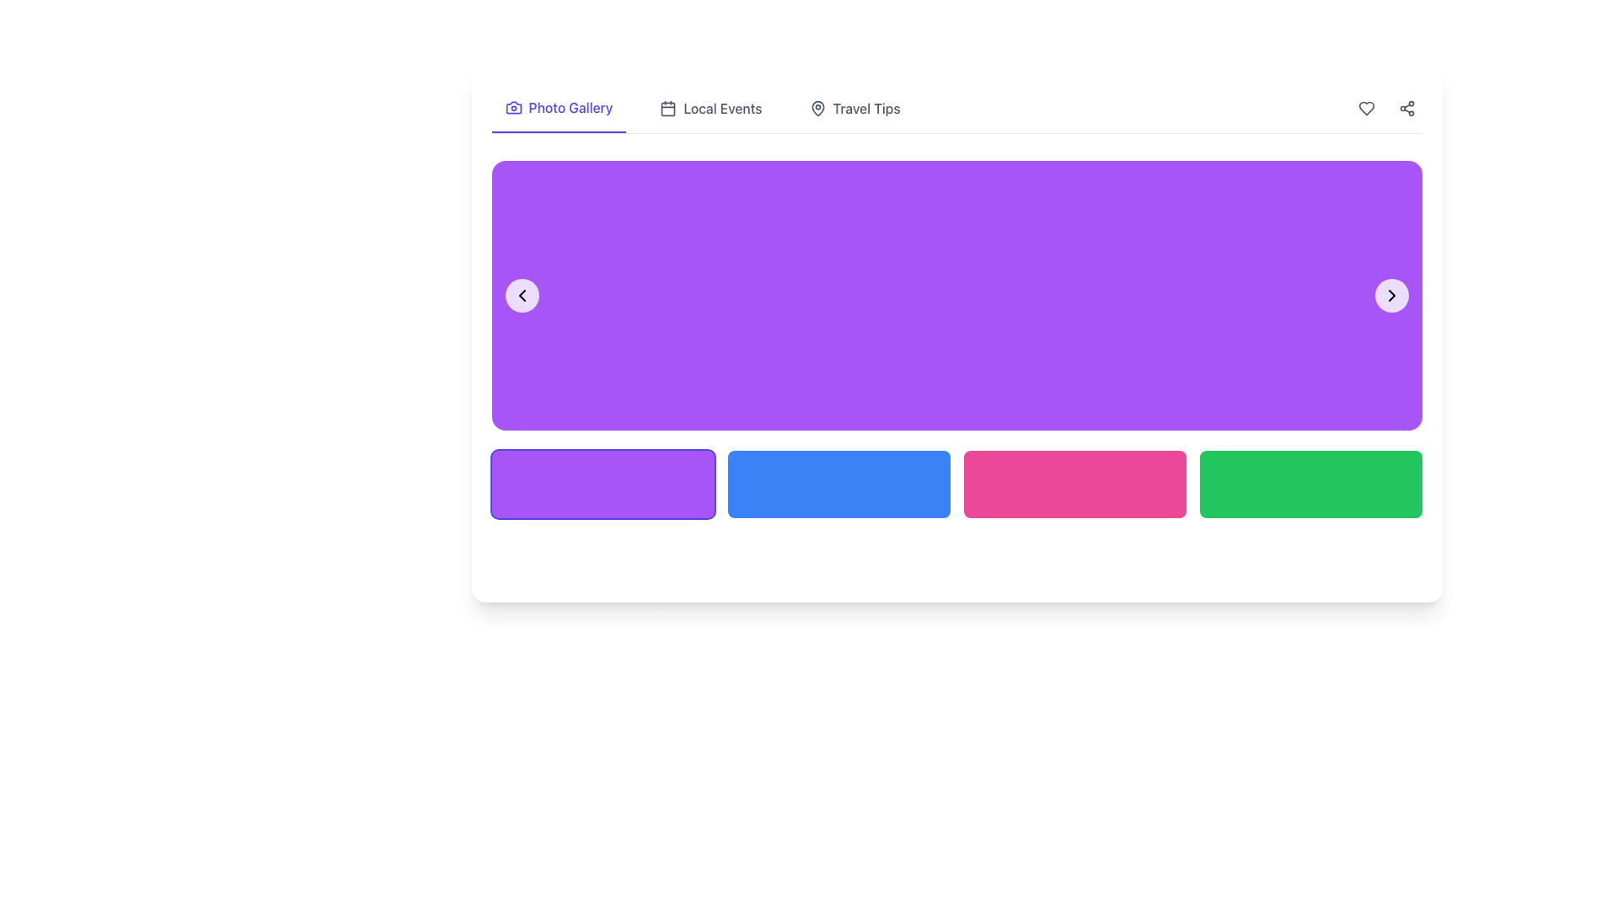 The image size is (1618, 910). I want to click on the 'Local Events' tab in the navigation menu, so click(710, 108).